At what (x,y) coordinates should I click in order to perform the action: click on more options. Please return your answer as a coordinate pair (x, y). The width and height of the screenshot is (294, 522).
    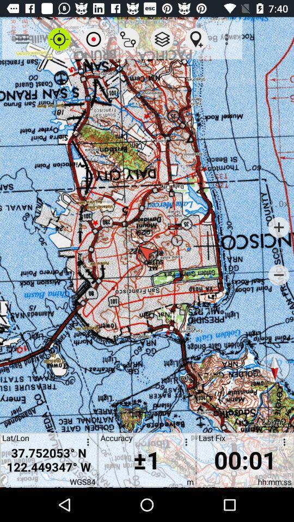
    Looking at the image, I should click on (85, 444).